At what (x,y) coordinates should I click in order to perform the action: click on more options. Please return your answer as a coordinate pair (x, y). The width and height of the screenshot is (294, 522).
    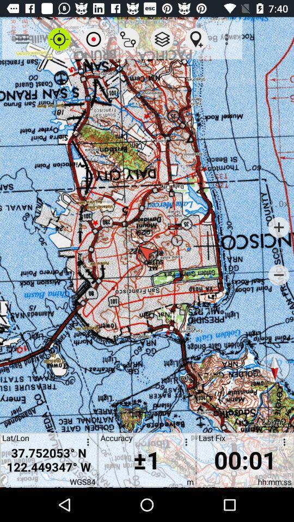
    Looking at the image, I should click on (85, 444).